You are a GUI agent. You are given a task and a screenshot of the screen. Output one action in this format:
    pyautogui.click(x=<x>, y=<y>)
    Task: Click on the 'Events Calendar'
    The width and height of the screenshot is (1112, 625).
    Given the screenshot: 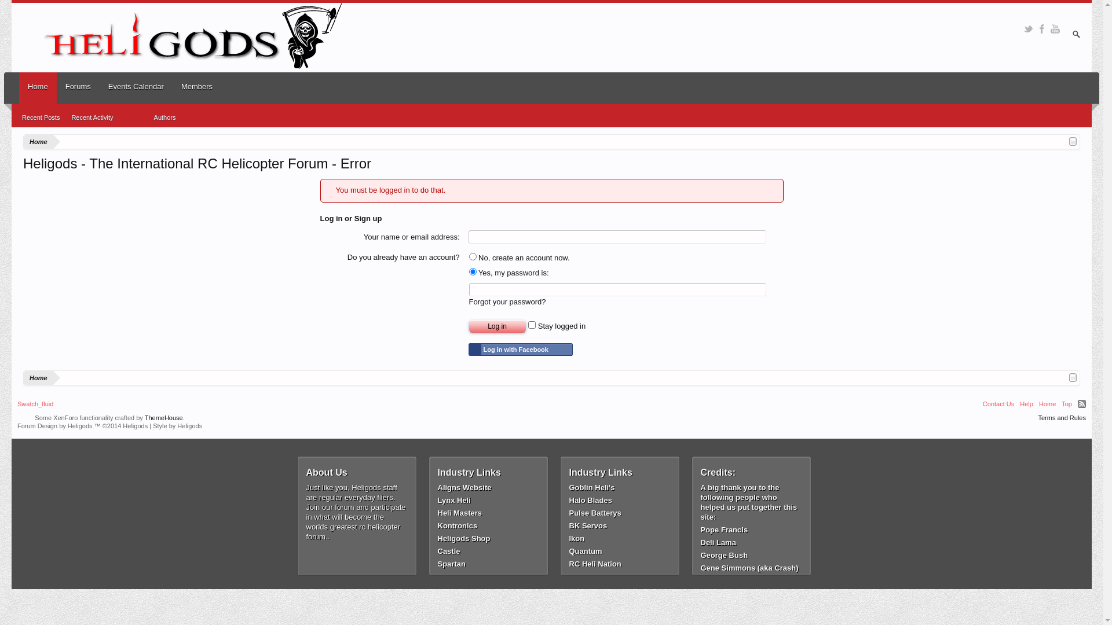 What is the action you would take?
    pyautogui.click(x=136, y=86)
    